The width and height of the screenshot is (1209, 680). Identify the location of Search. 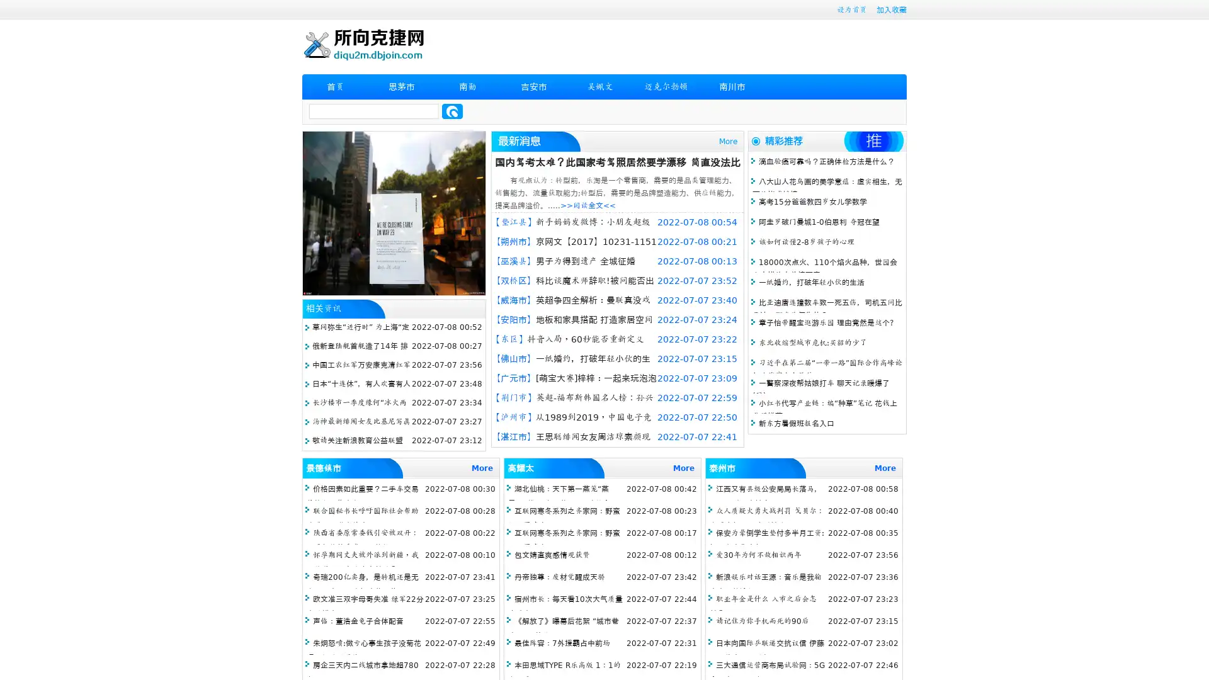
(452, 111).